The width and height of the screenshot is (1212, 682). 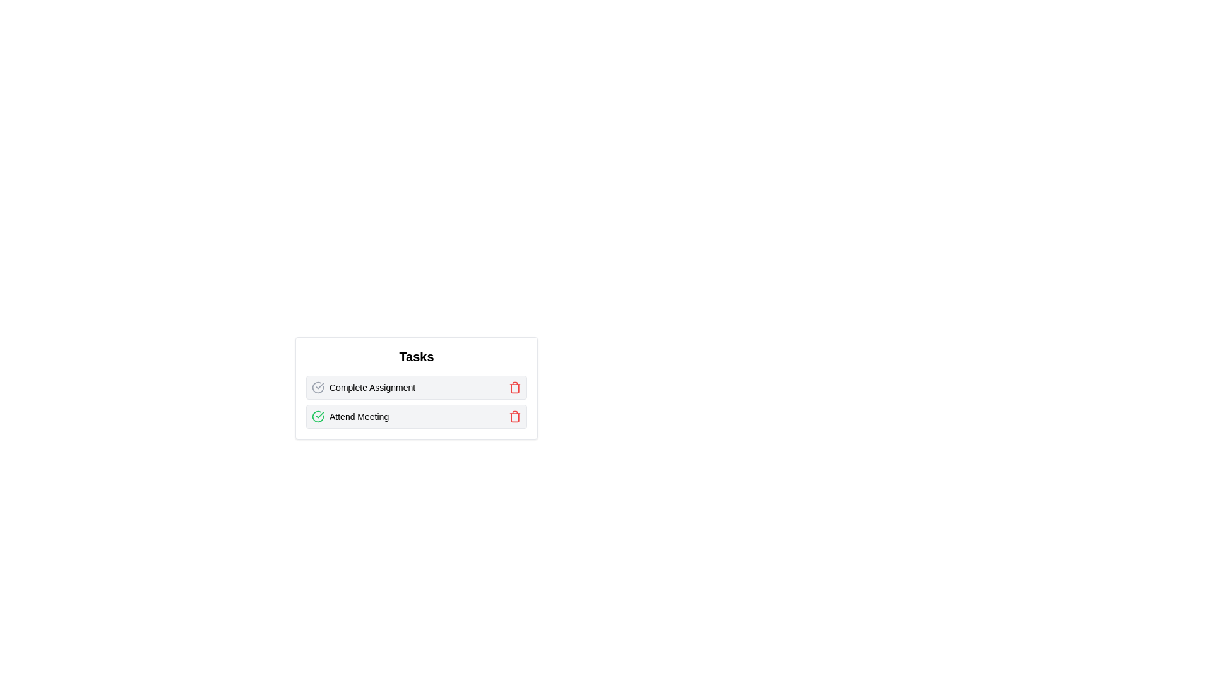 I want to click on the trash bin icon located at the rightmost end of the row associated with the 'Attend Meeting' task, so click(x=515, y=416).